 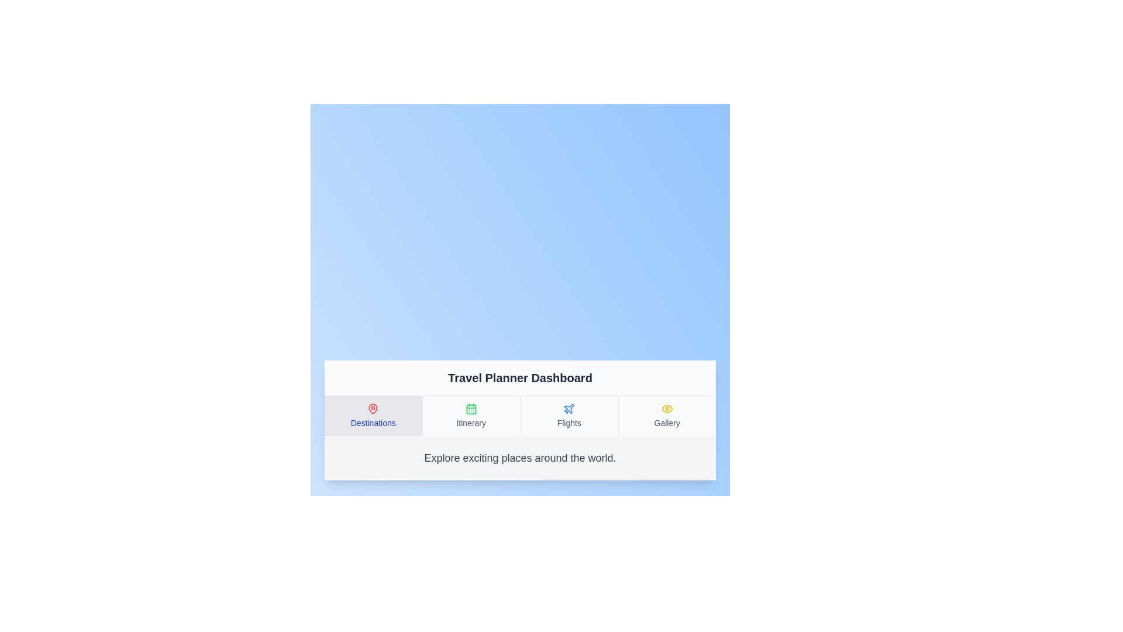 I want to click on the 'Gallery' text label, which is a small font label with dark text on a light background, located below an eye icon in the rightmost column of the Travel Planner Dashboard, so click(x=667, y=423).